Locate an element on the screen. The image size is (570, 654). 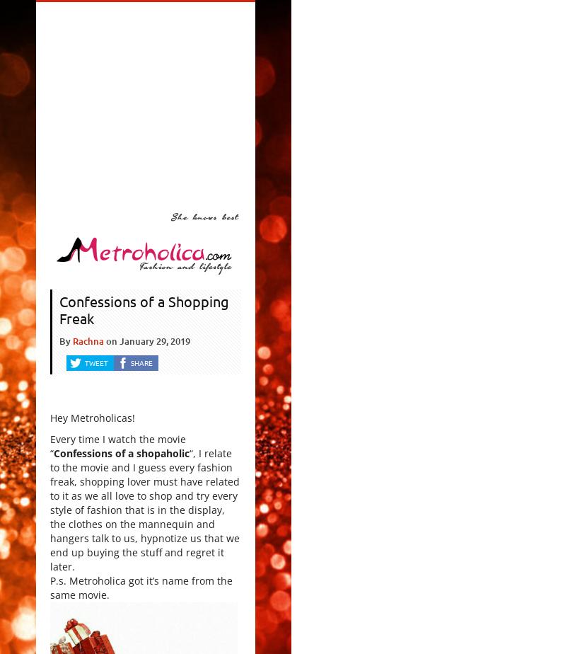
'on' is located at coordinates (111, 340).